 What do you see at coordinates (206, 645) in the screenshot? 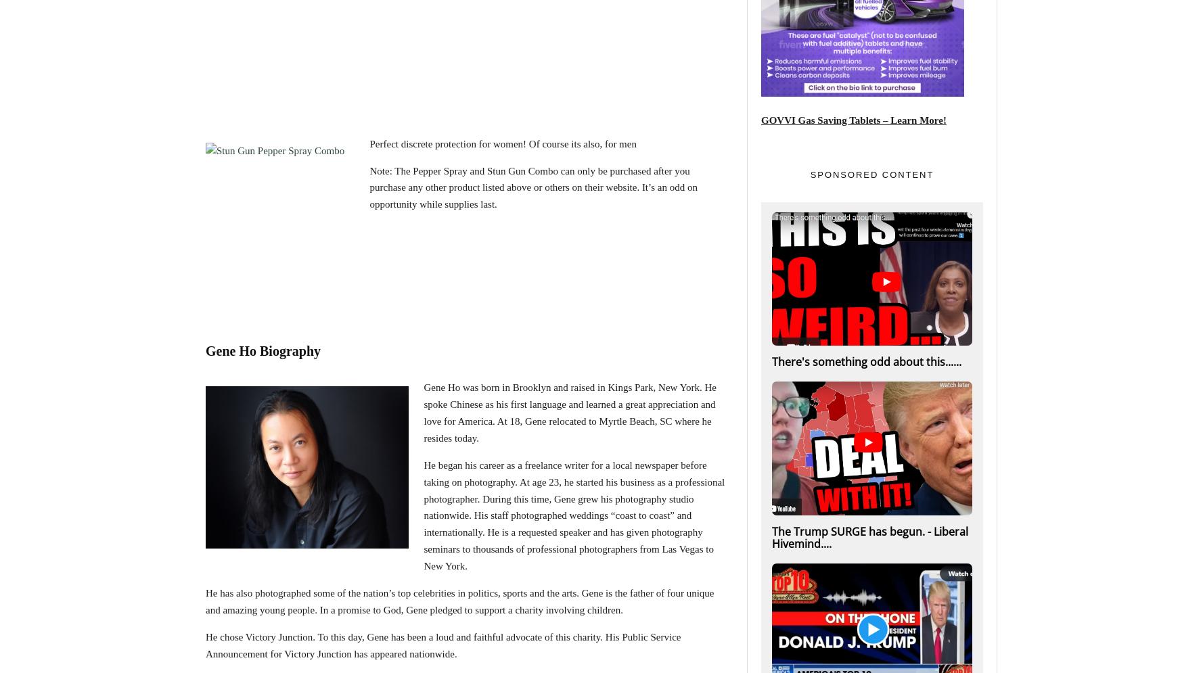
I see `'He chose Victory Junction. To this day, Gene has been a loud and faithful advocate of this charity. His Public Service Announcement for Victory Junction has appeared nationwide.'` at bounding box center [206, 645].